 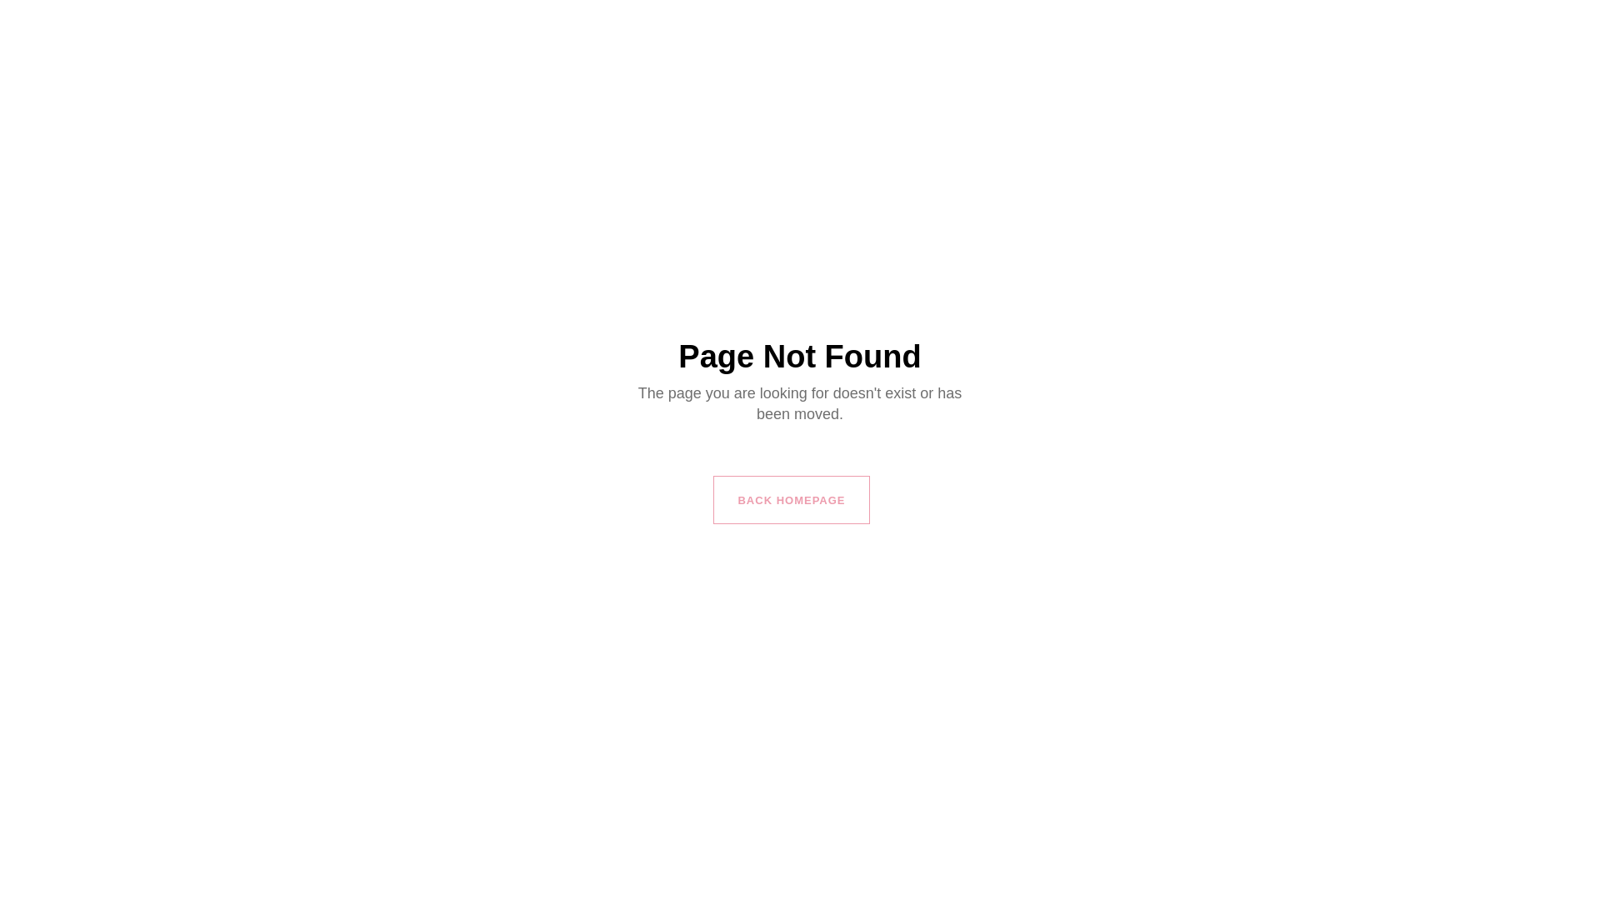 I want to click on 'BACK HOMEPAGE', so click(x=790, y=499).